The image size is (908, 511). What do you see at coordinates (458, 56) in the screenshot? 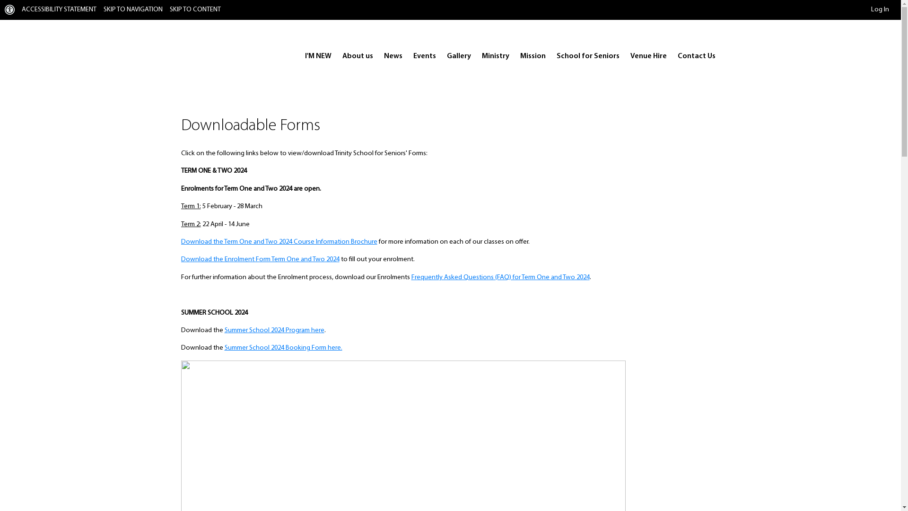
I see `'Gallery'` at bounding box center [458, 56].